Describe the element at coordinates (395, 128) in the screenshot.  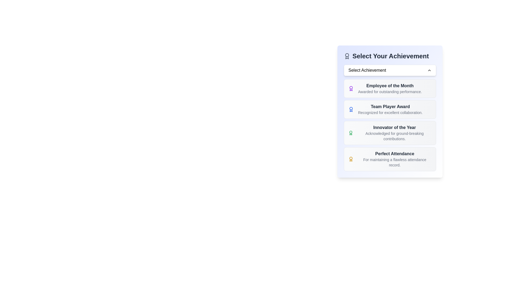
I see `the static text label 'Innovator of the Year' which is displayed in bold, dark gray text at the top of the third achievement entry in the list under 'Select Your Achievement'` at that location.